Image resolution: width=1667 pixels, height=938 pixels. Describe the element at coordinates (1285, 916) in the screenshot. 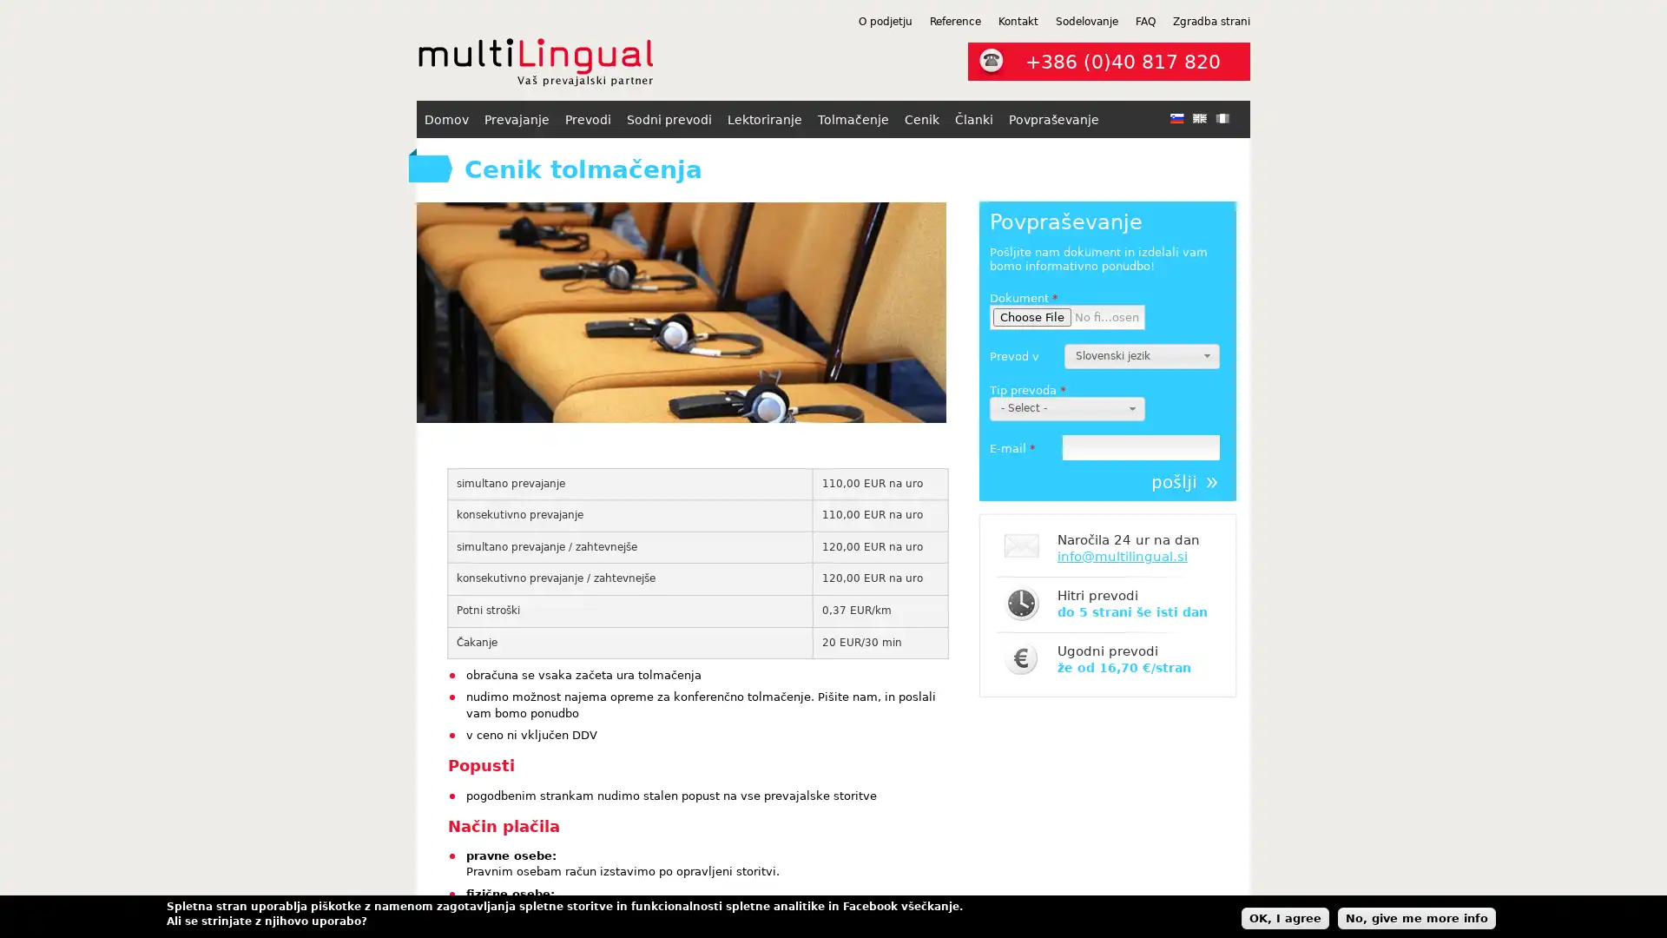

I see `OK, I agree` at that location.